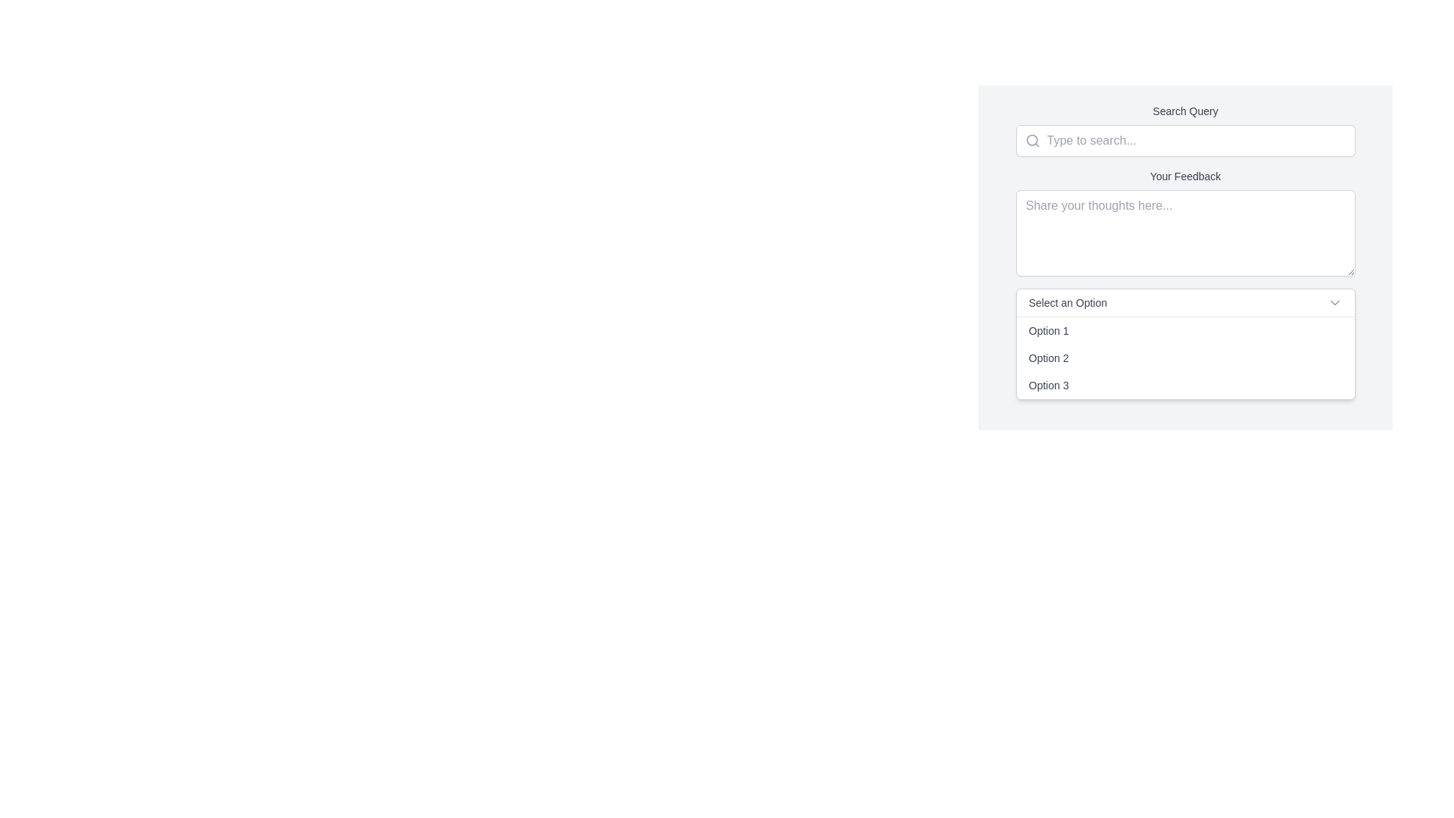 This screenshot has height=818, width=1454. I want to click on the downward-facing gray arrow icon of the Dropdown toggle button located at the far right of the 'Select an Option' text, so click(1334, 303).